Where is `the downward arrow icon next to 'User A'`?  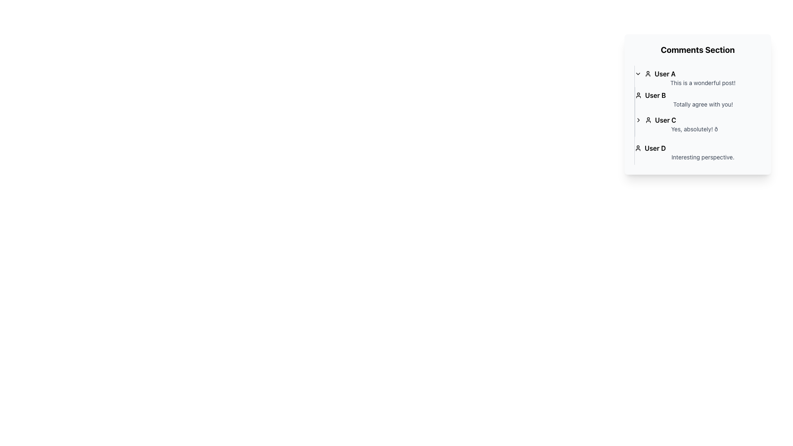
the downward arrow icon next to 'User A' is located at coordinates (638, 73).